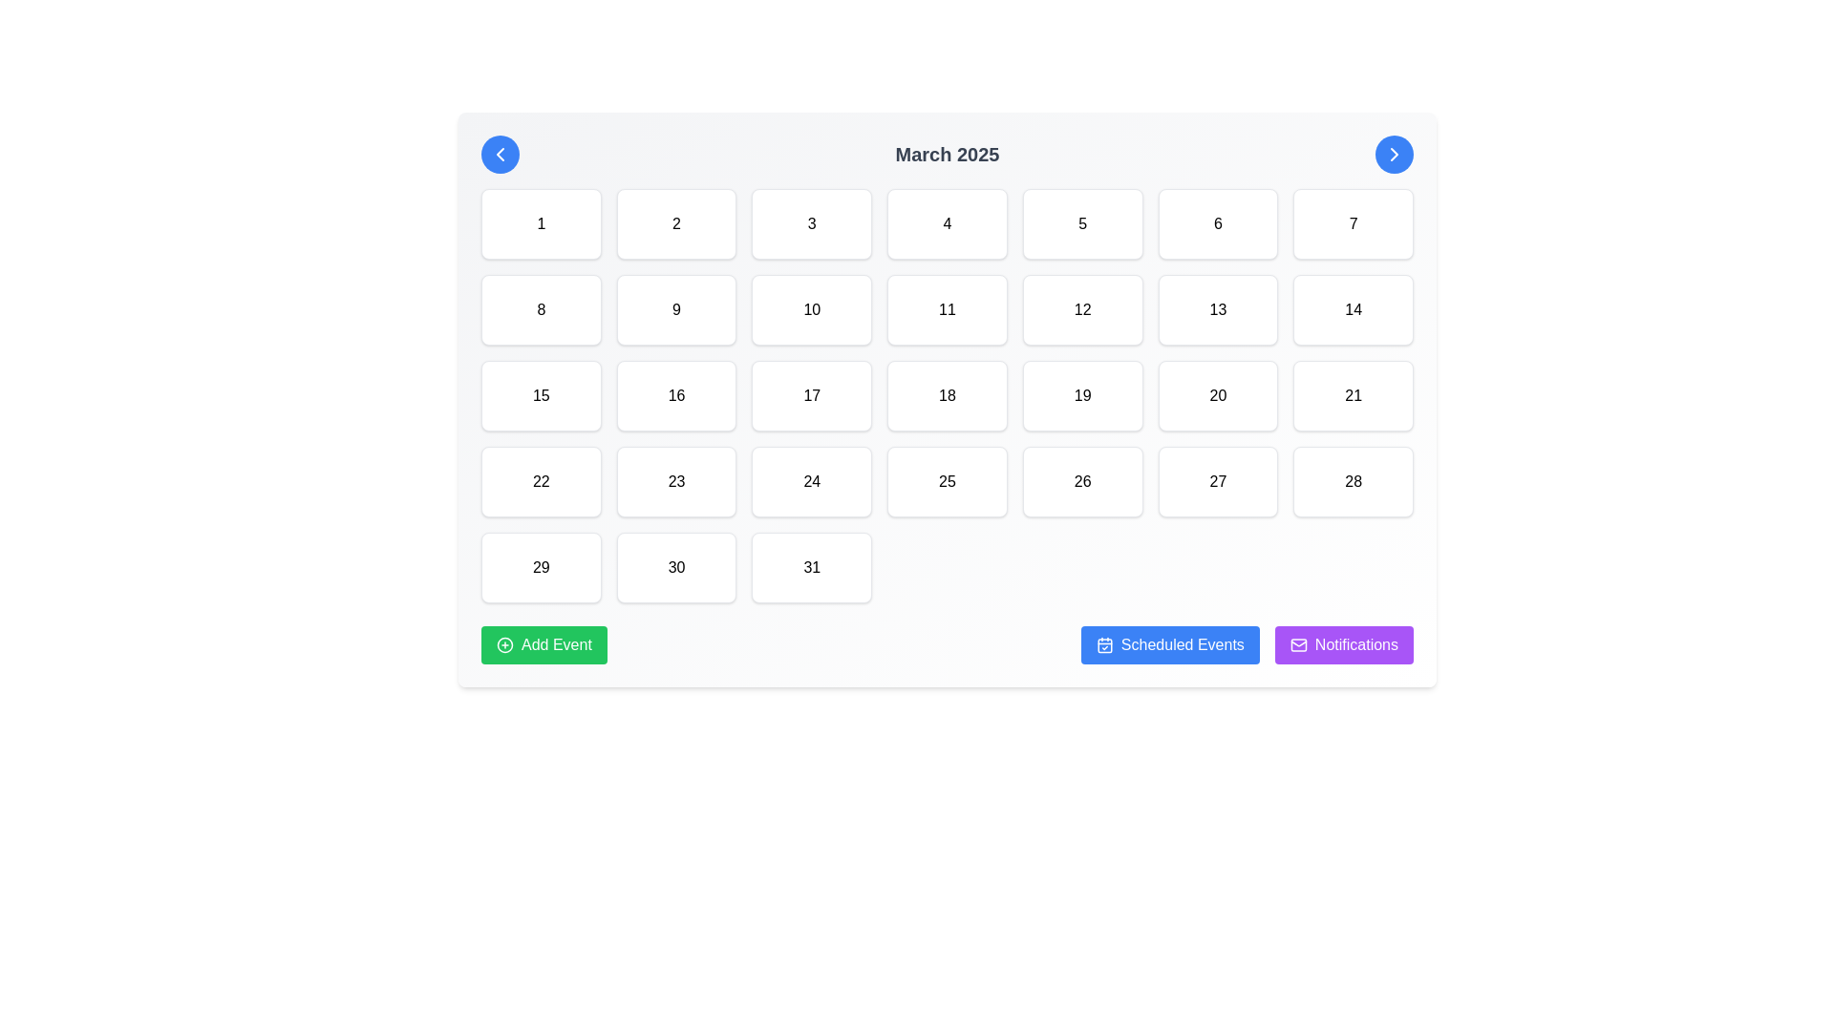  I want to click on the Calendar Day Cell displaying the number '17' with a white background and rounded corners, so click(812, 395).